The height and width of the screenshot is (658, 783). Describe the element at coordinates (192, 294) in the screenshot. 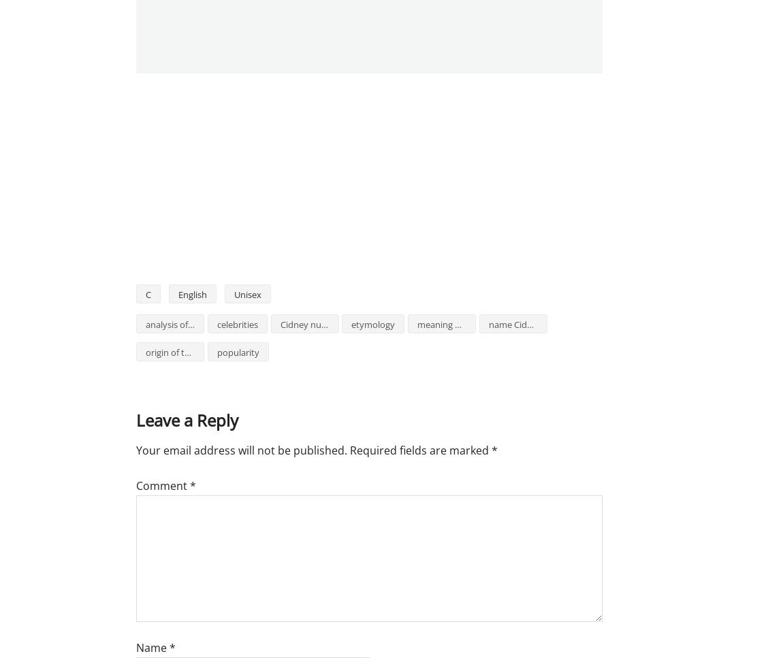

I see `'English'` at that location.